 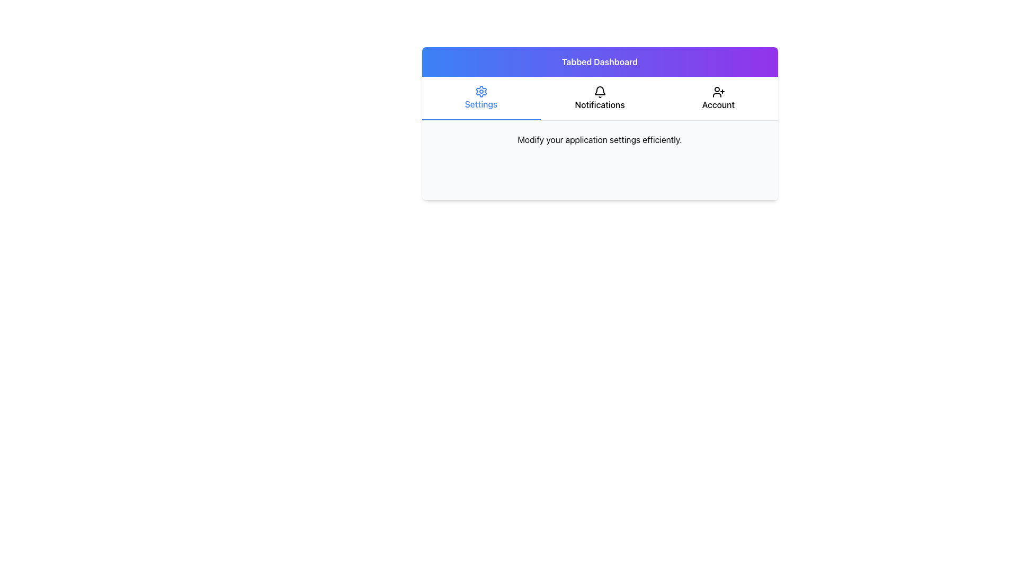 I want to click on the central navigation tab in the horizontal navigation bar, so click(x=600, y=99).